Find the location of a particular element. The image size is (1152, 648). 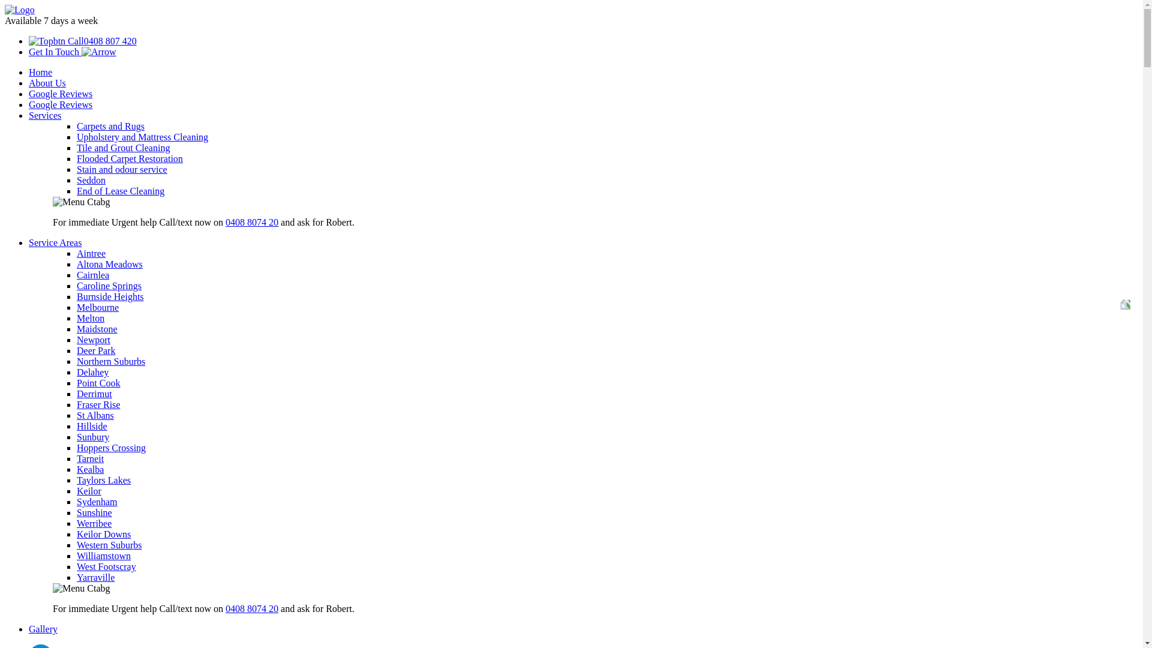

'Burnside Heights' is located at coordinates (110, 296).